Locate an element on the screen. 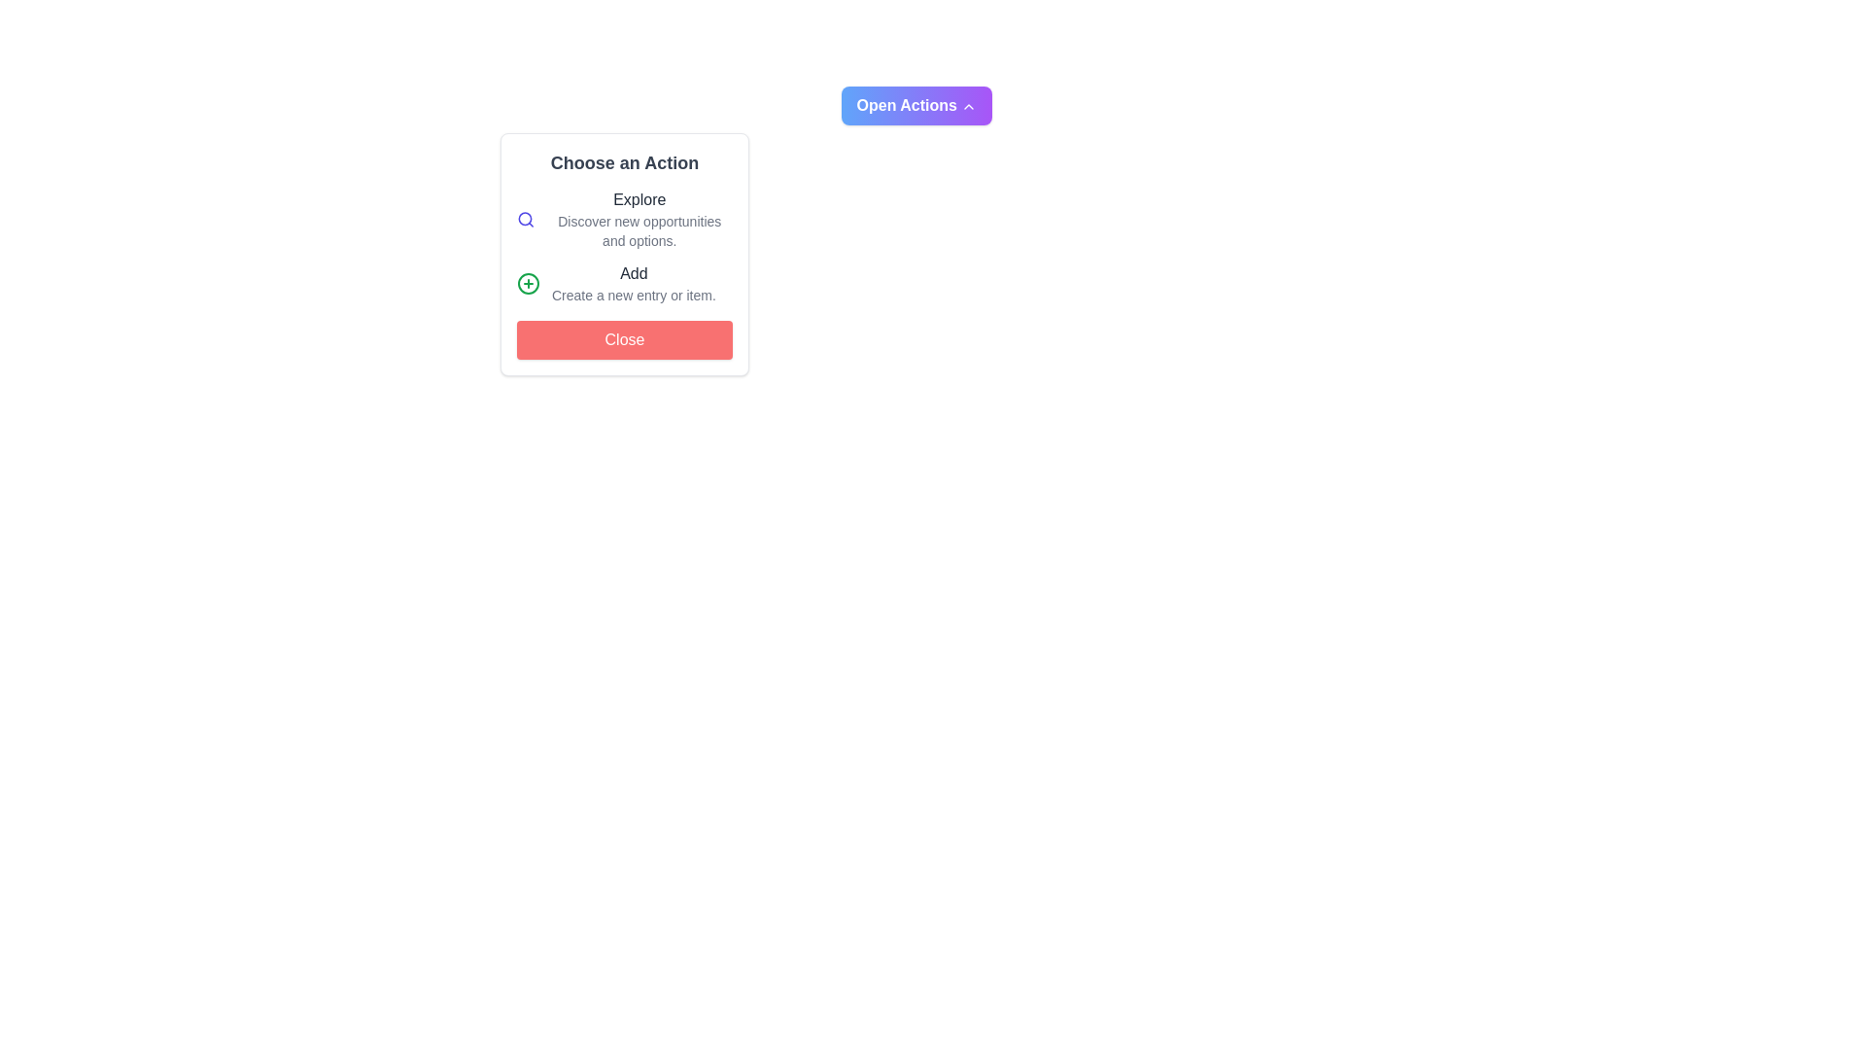  the descriptive Text label located below the 'Explore' heading in the 'Choose an Action' modal dialog box is located at coordinates (639, 230).